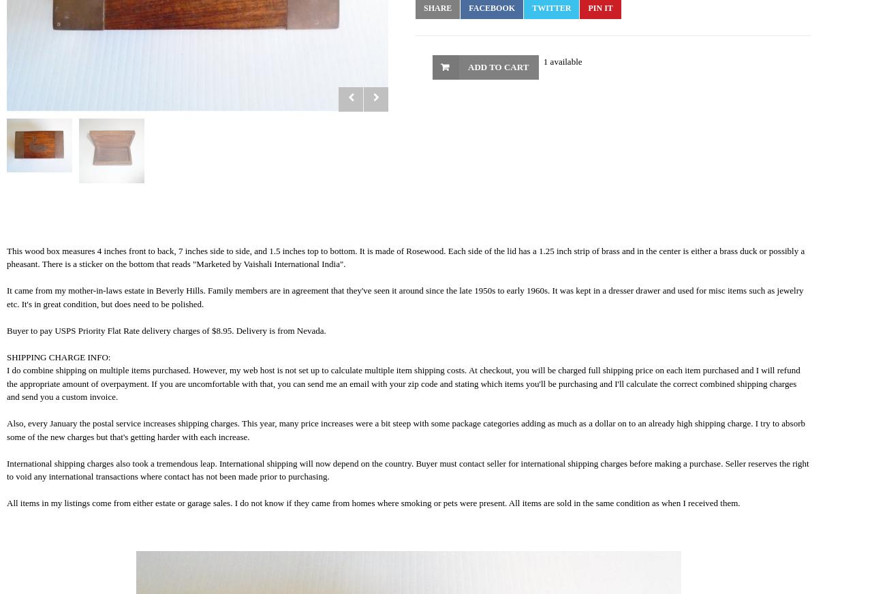 The image size is (872, 594). Describe the element at coordinates (6, 297) in the screenshot. I see `'It came from my mother-in-laws estate in Beverly Hills. Family members are in agreement that they've seen it around since the late 1950s to early 1960s. It was kept in a dresser drawer and used for misc items such as jewelry etc. It's in great condition, but does need to be polished.'` at that location.